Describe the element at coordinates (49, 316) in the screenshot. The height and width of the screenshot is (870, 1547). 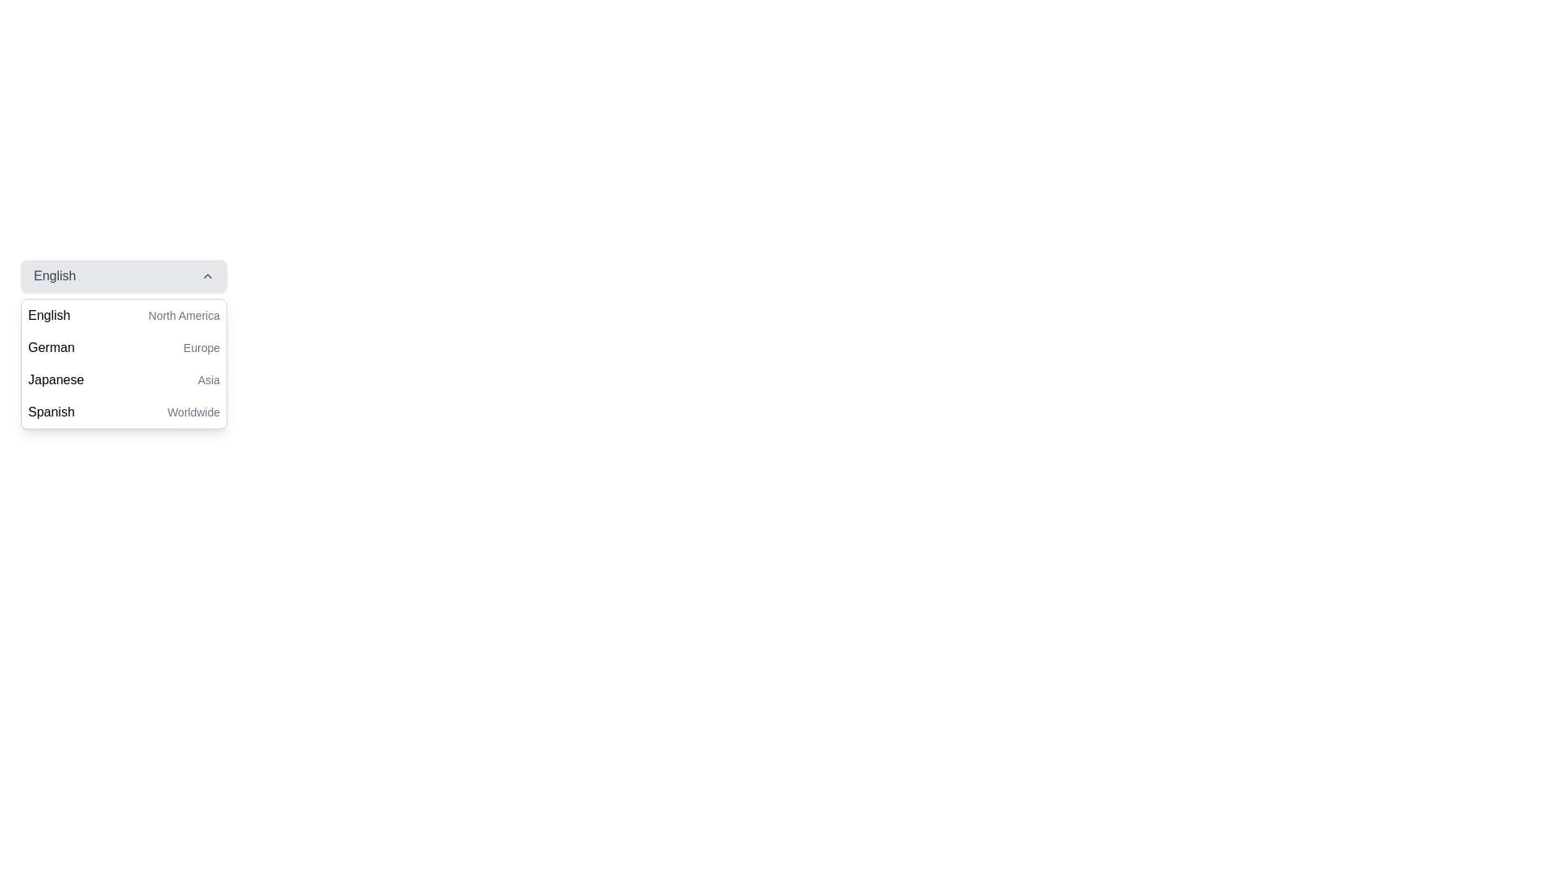
I see `the 'English' text label within the dropdown menu` at that location.